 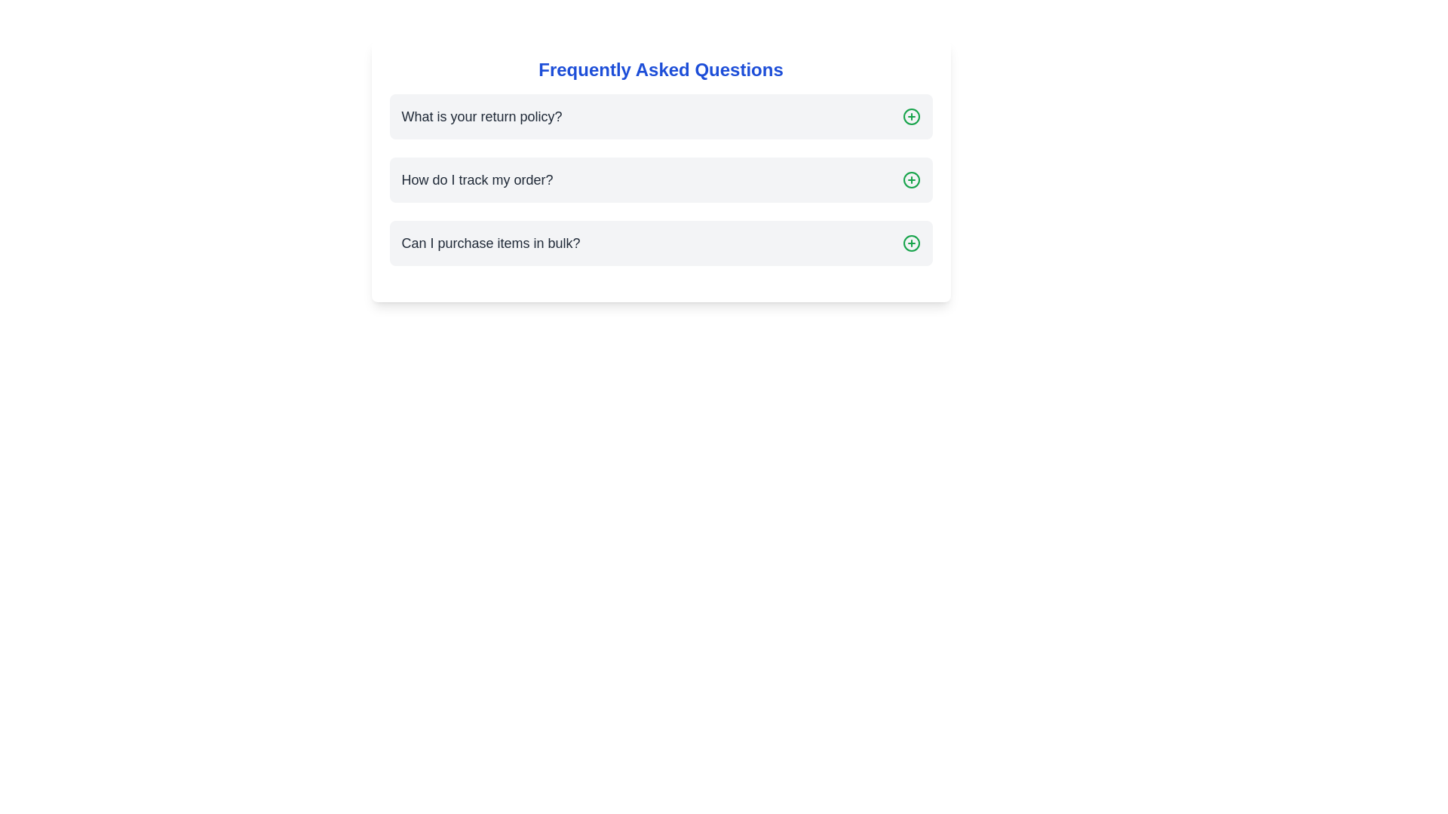 I want to click on the toggle button located on the far right of the bar labeled 'What is your return policy?', so click(x=910, y=115).